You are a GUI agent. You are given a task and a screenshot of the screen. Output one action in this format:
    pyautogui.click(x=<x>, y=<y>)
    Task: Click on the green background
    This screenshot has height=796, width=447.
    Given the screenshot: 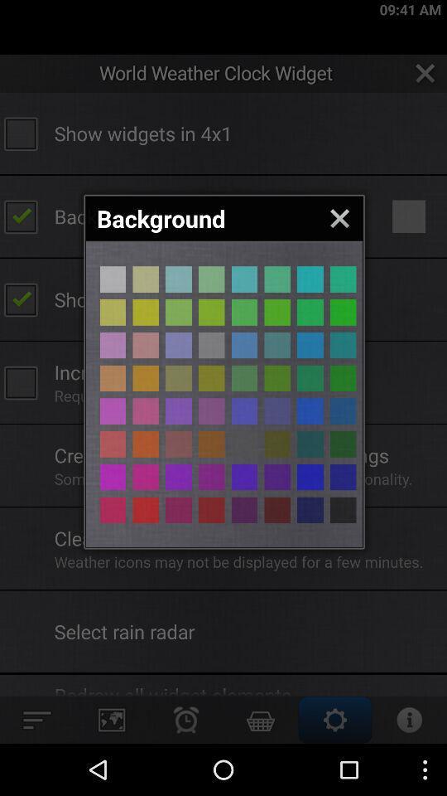 What is the action you would take?
    pyautogui.click(x=342, y=378)
    